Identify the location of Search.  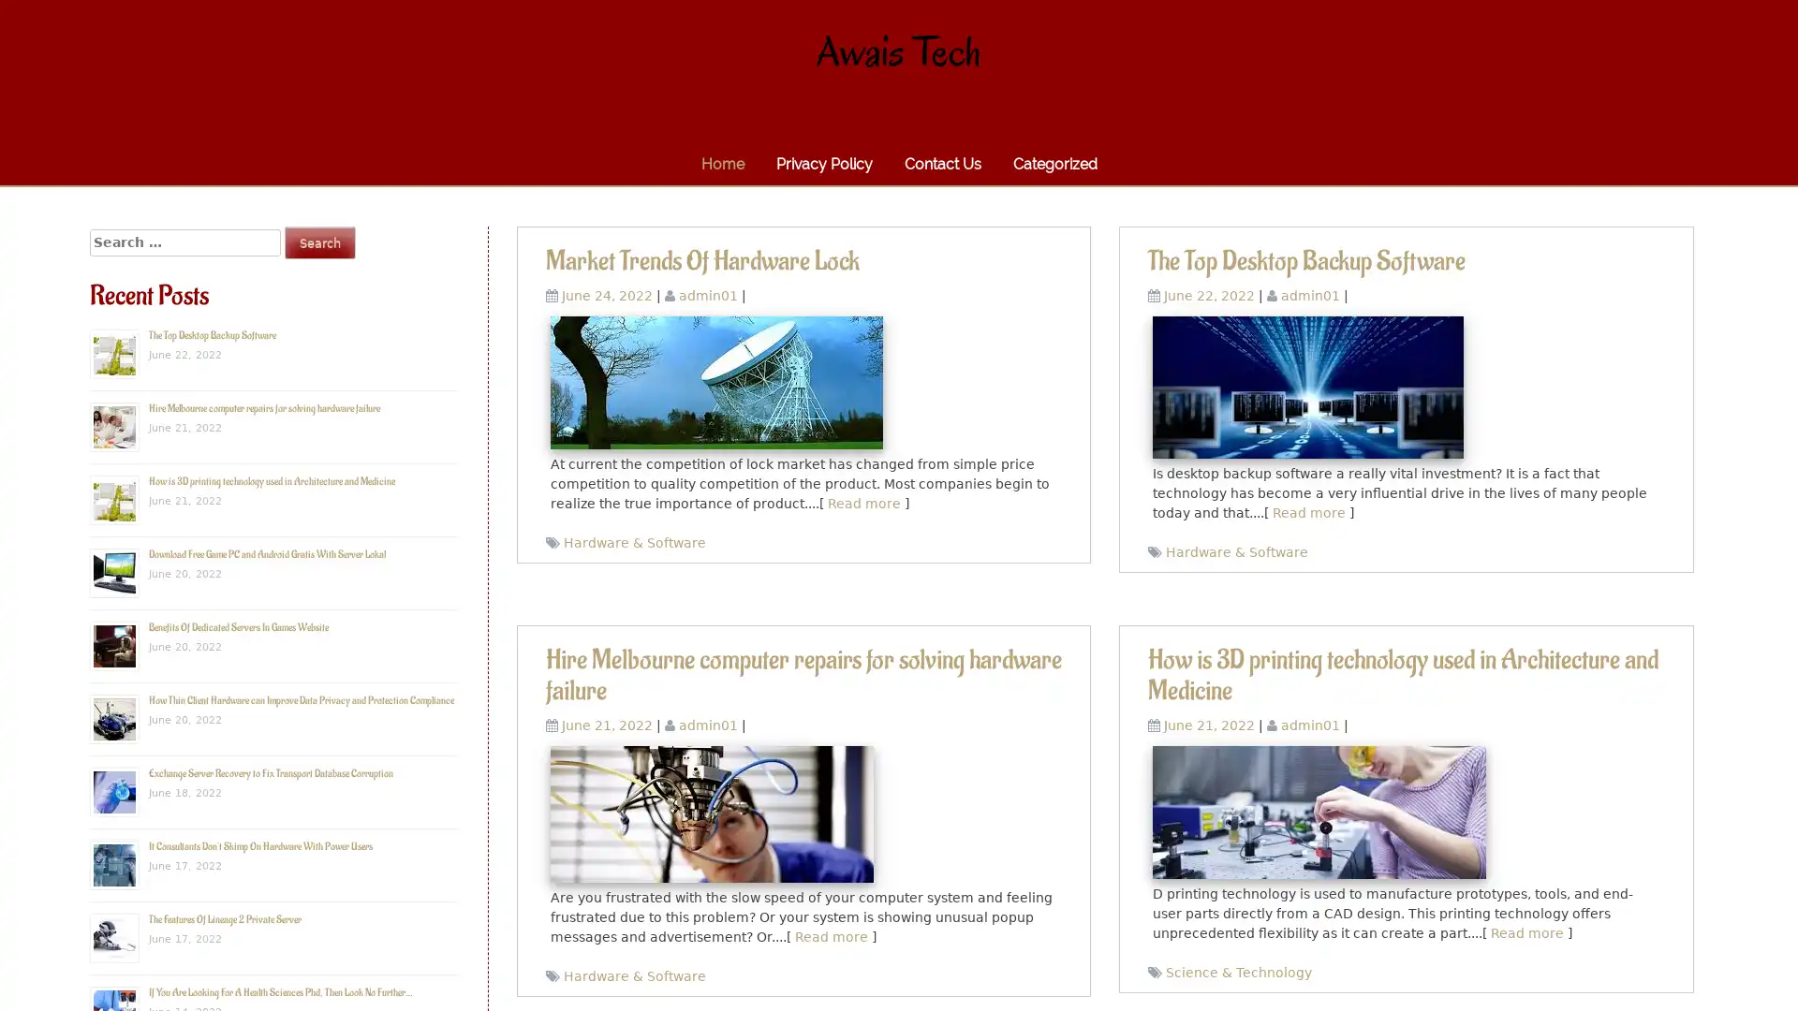
(319, 242).